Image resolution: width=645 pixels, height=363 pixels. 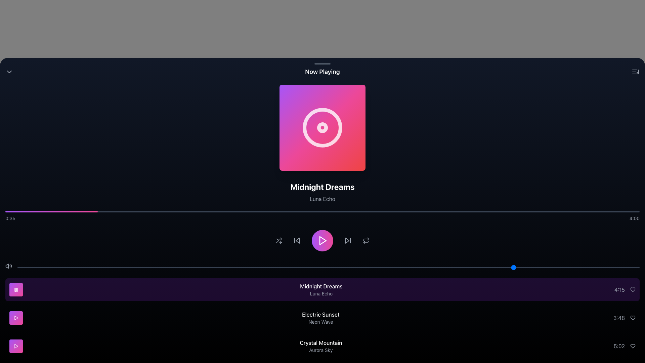 I want to click on the list item titled 'Crystal Mountain' with the subtitle 'Aurora Sky' and duration '5:02', so click(x=322, y=346).